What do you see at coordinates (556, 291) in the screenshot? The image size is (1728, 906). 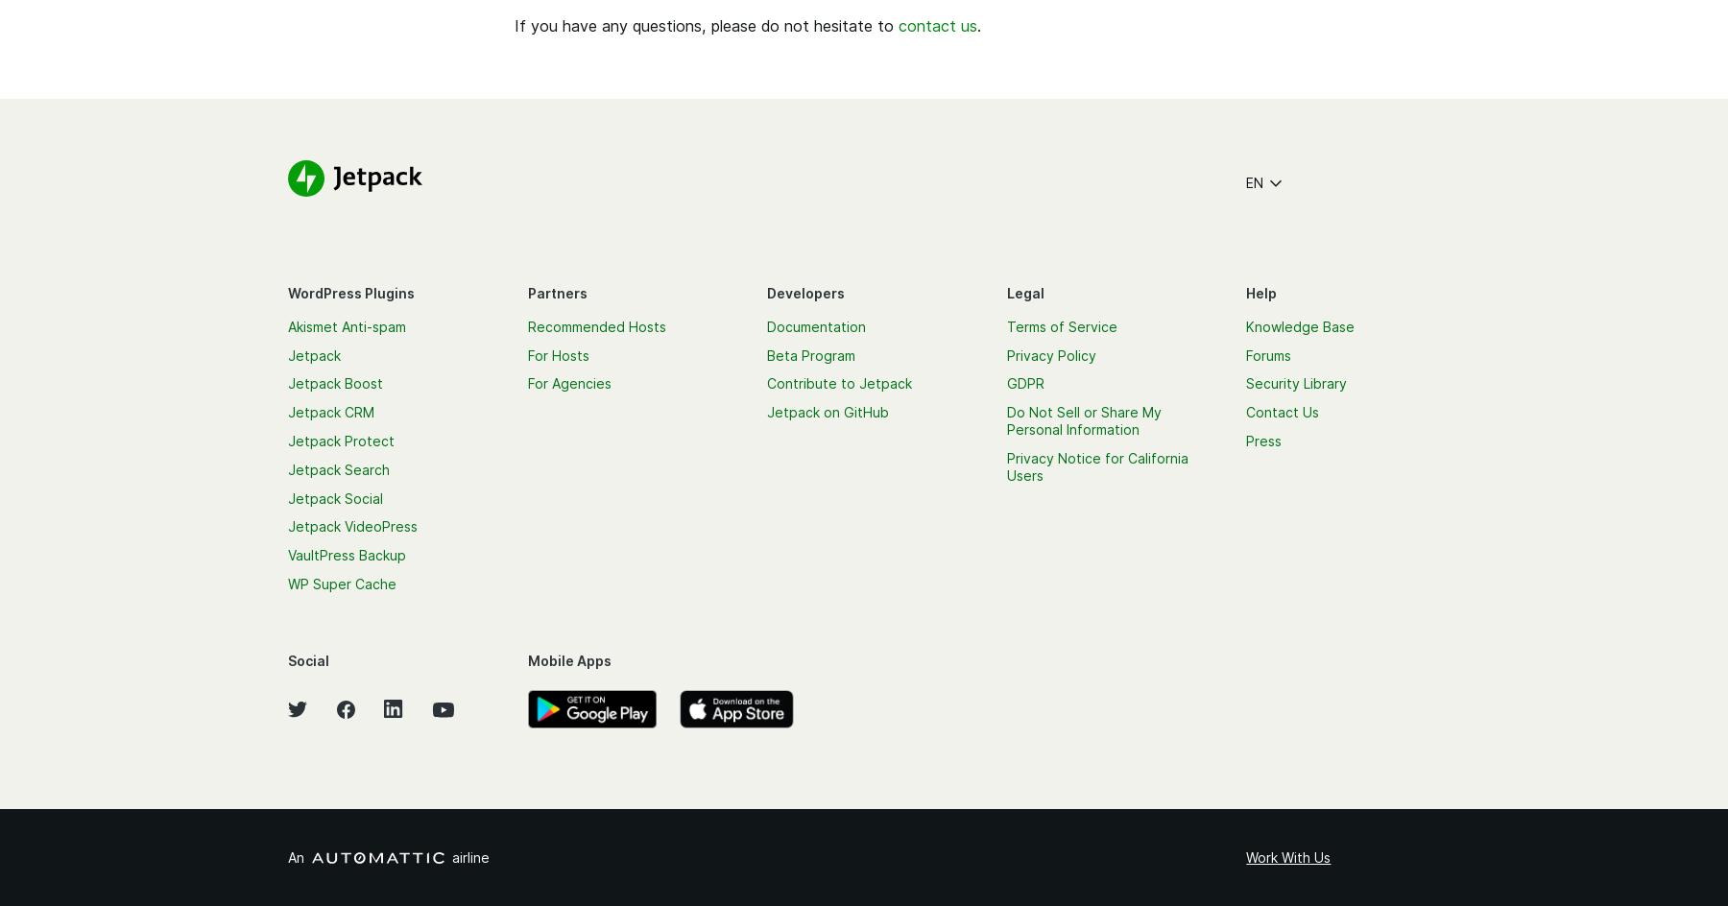 I see `'Partners'` at bounding box center [556, 291].